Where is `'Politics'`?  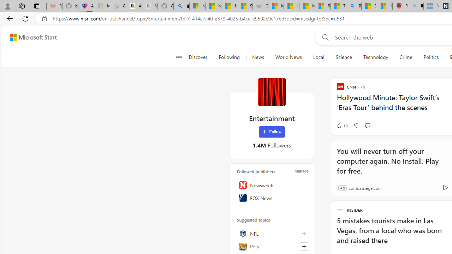
'Politics' is located at coordinates (431, 57).